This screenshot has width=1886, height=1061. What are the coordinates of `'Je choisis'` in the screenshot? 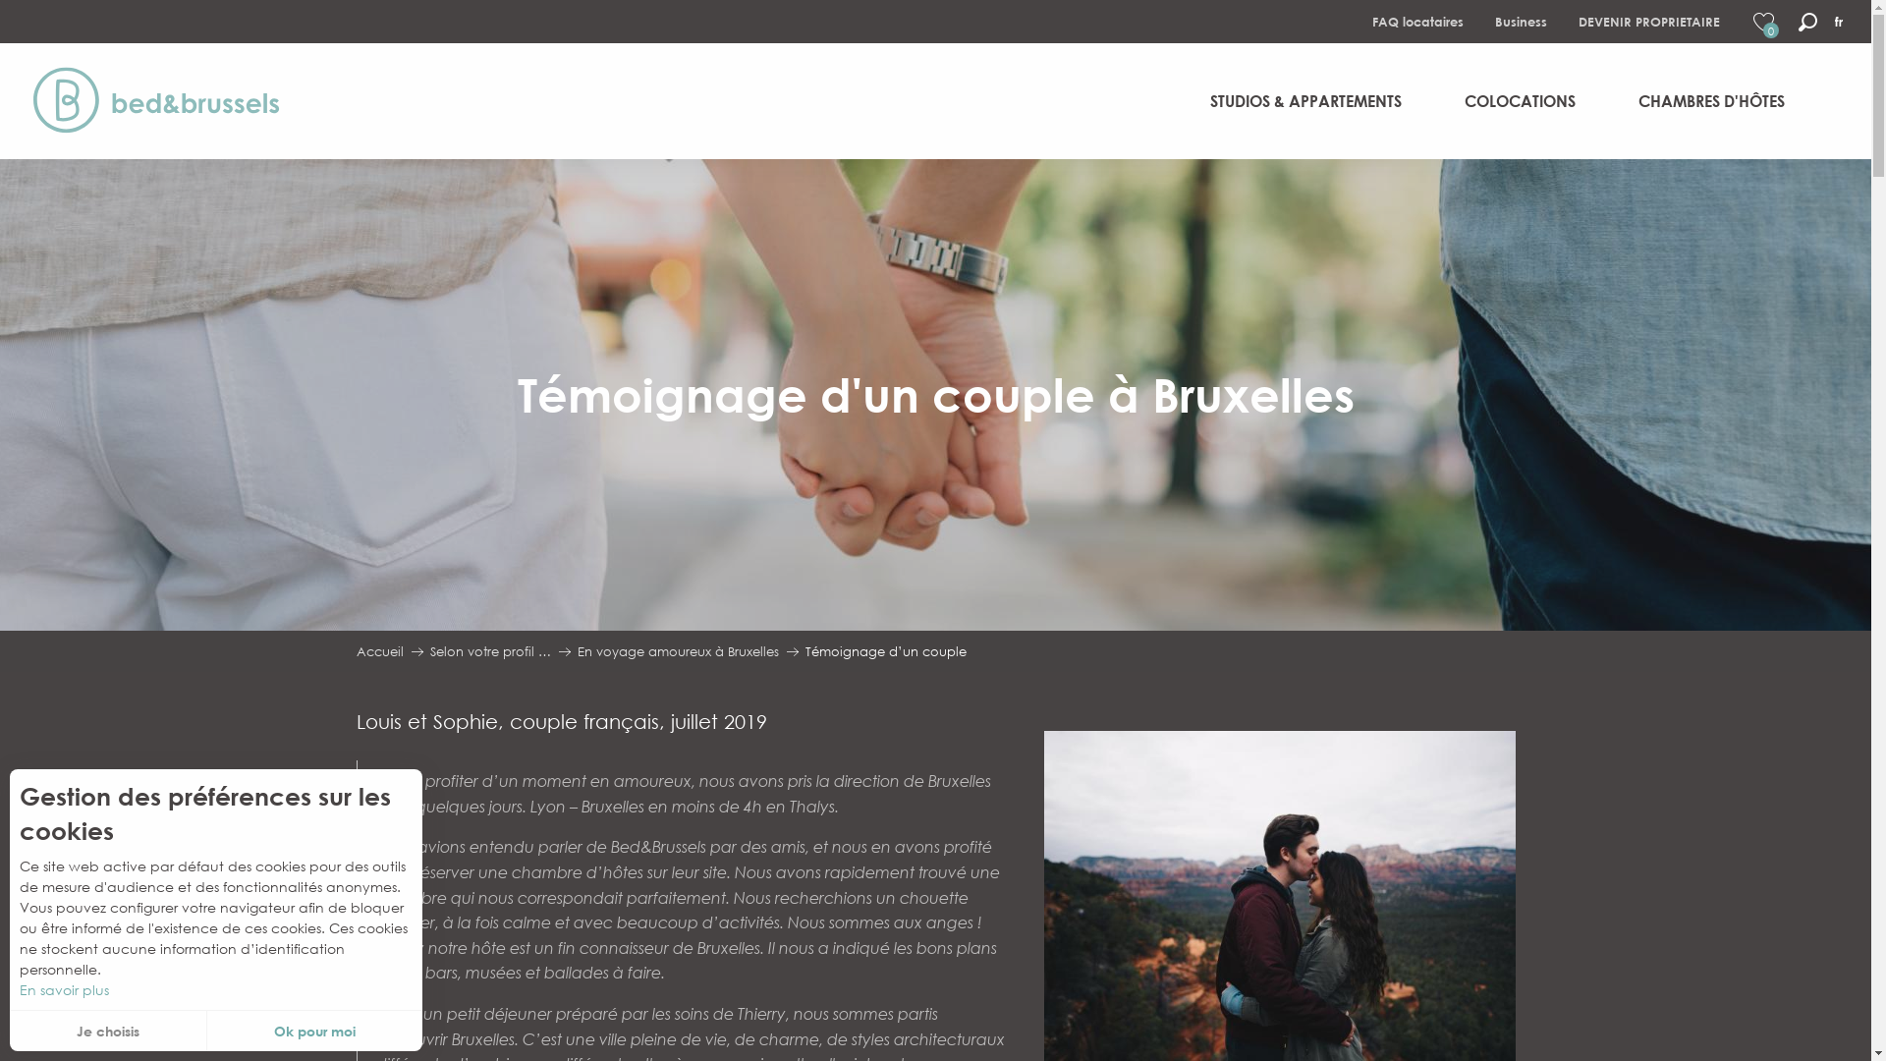 It's located at (9, 1030).